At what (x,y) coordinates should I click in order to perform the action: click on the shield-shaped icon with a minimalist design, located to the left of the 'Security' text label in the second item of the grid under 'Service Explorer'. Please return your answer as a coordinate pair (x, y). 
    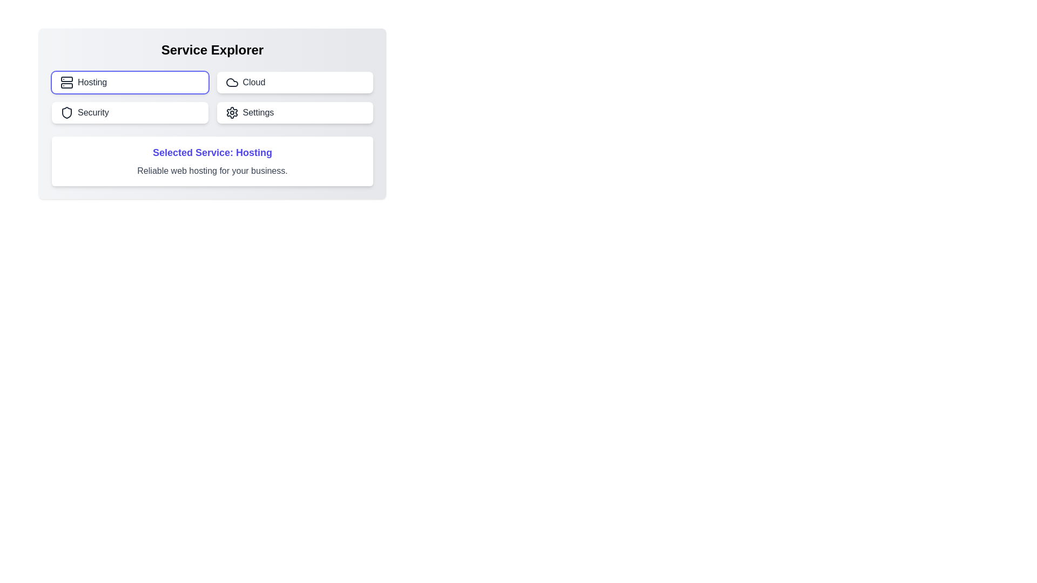
    Looking at the image, I should click on (66, 112).